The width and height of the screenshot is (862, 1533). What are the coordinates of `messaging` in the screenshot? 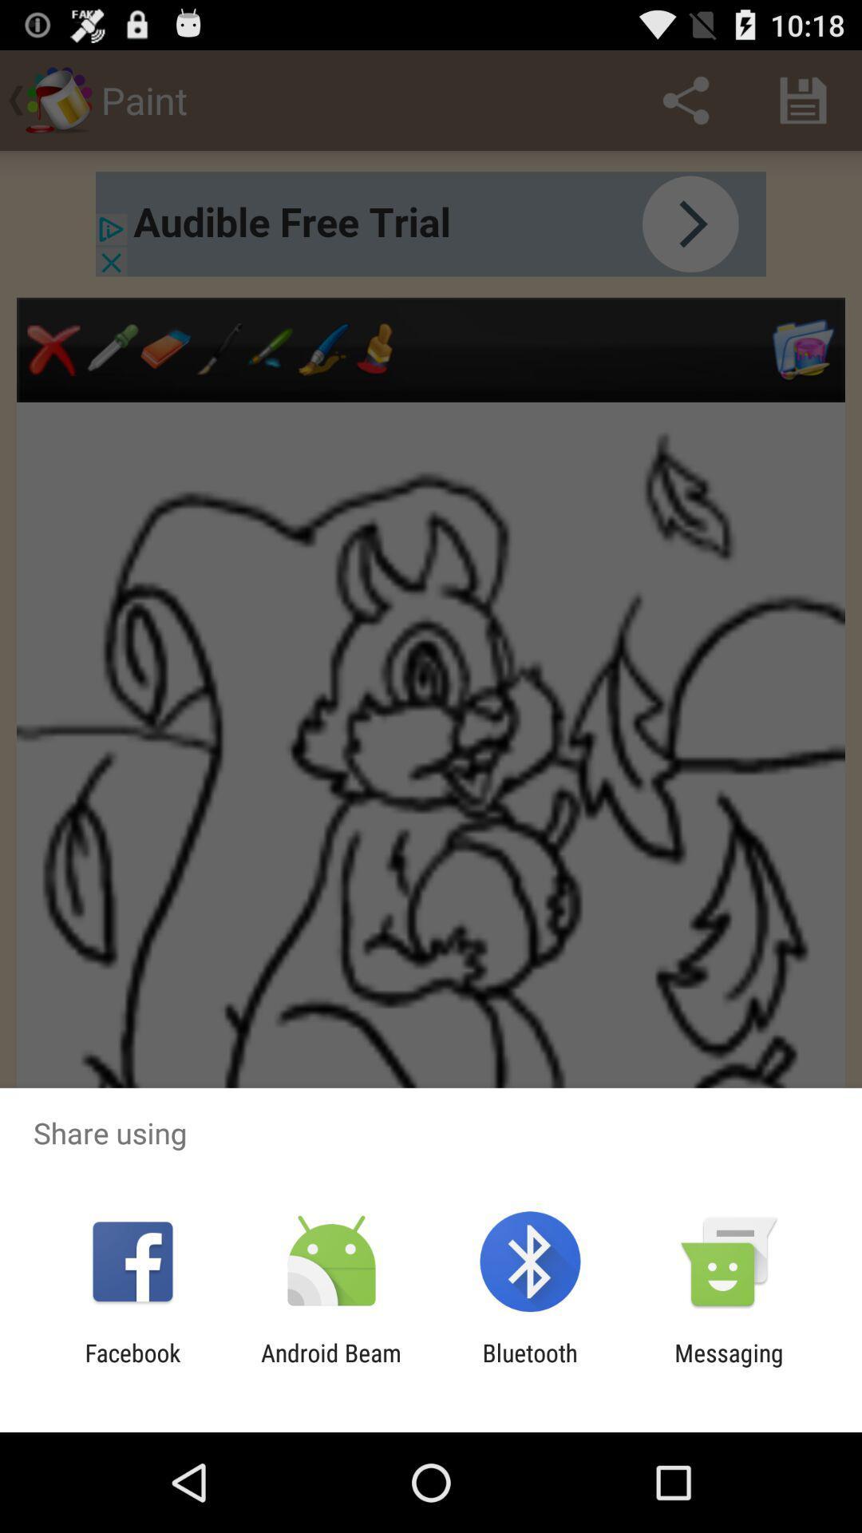 It's located at (729, 1366).